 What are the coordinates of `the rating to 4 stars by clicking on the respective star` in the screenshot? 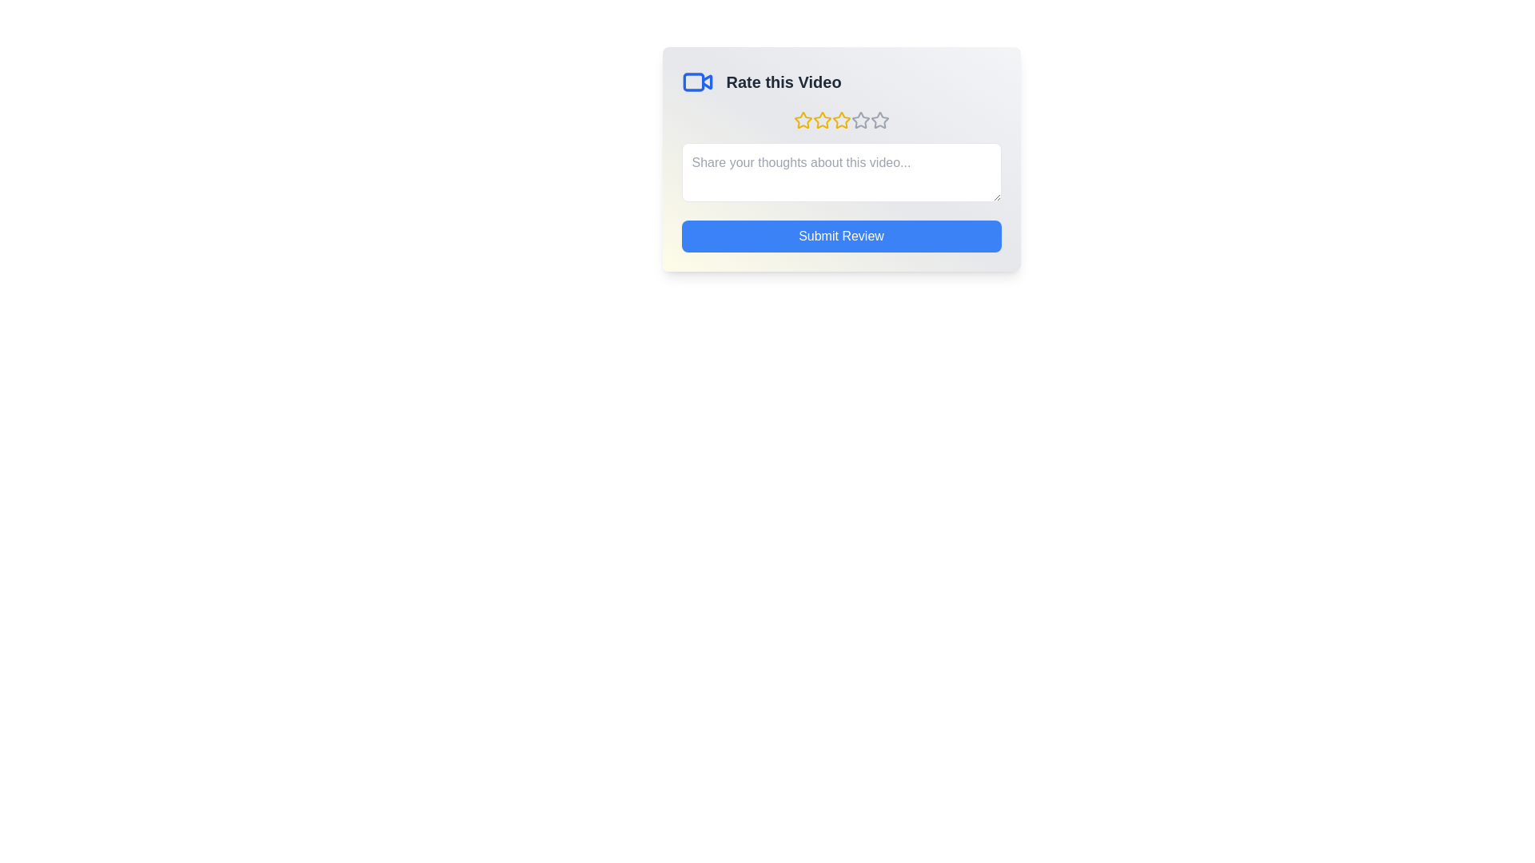 It's located at (859, 119).